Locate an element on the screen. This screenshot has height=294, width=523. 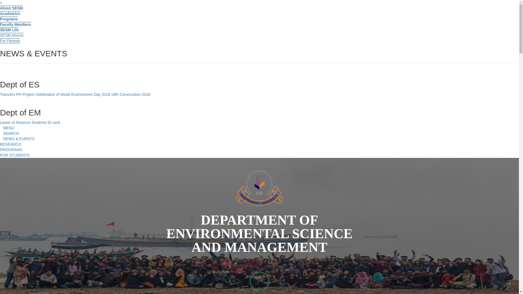
'For Parents' is located at coordinates (10, 41).